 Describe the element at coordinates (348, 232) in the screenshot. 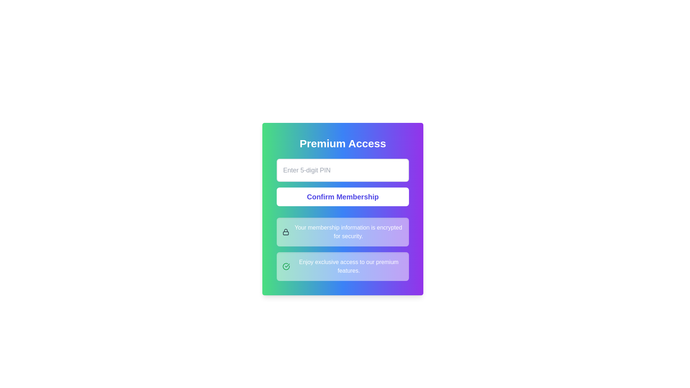

I see `the text label displaying 'Your membership information is encrypted for security.' which is styled with white text on a gradient background and positioned to the right of a lock icon` at that location.